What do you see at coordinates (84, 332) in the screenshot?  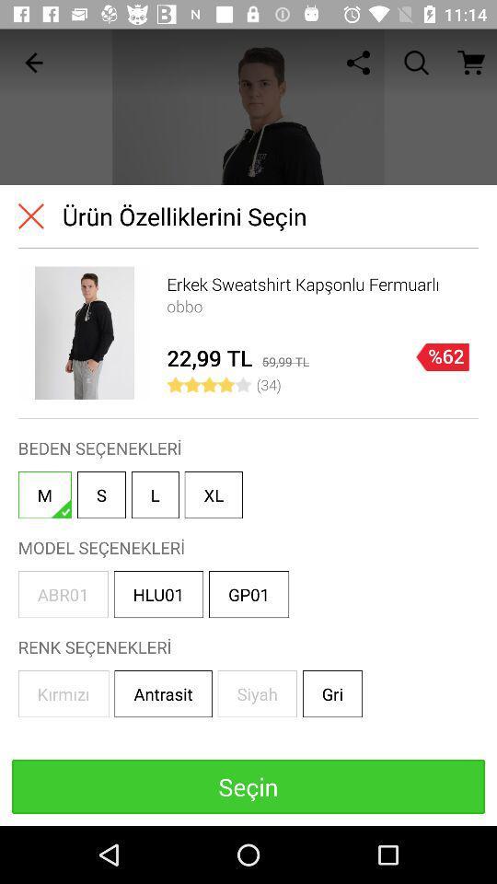 I see `the image which is above the beden secenekleri` at bounding box center [84, 332].